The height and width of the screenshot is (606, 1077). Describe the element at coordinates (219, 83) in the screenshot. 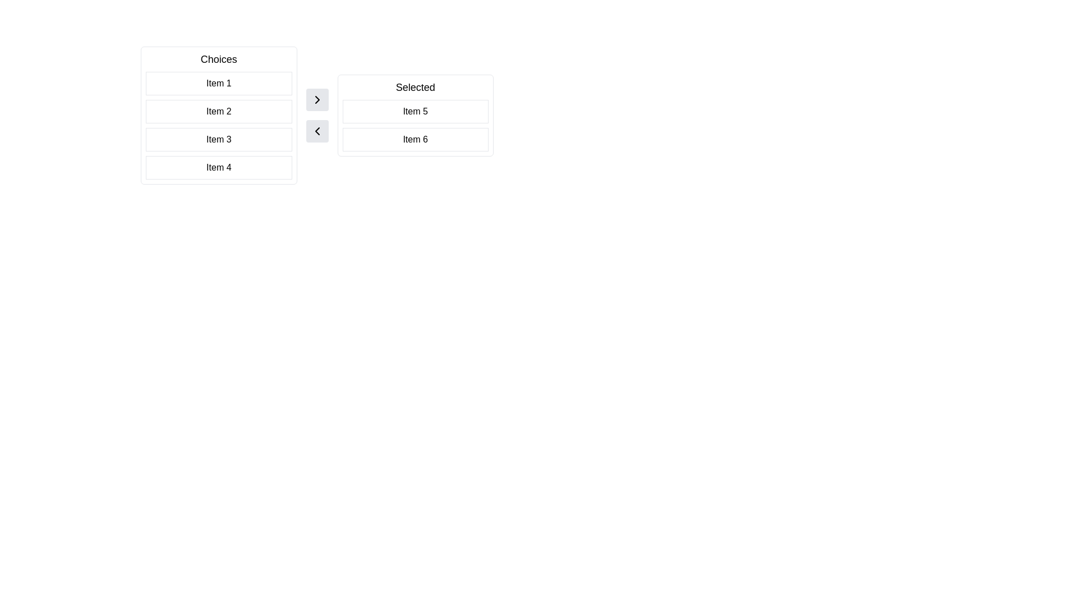

I see `the first selectable item labeled 'Item 1' in the list under the title 'Choices'` at that location.